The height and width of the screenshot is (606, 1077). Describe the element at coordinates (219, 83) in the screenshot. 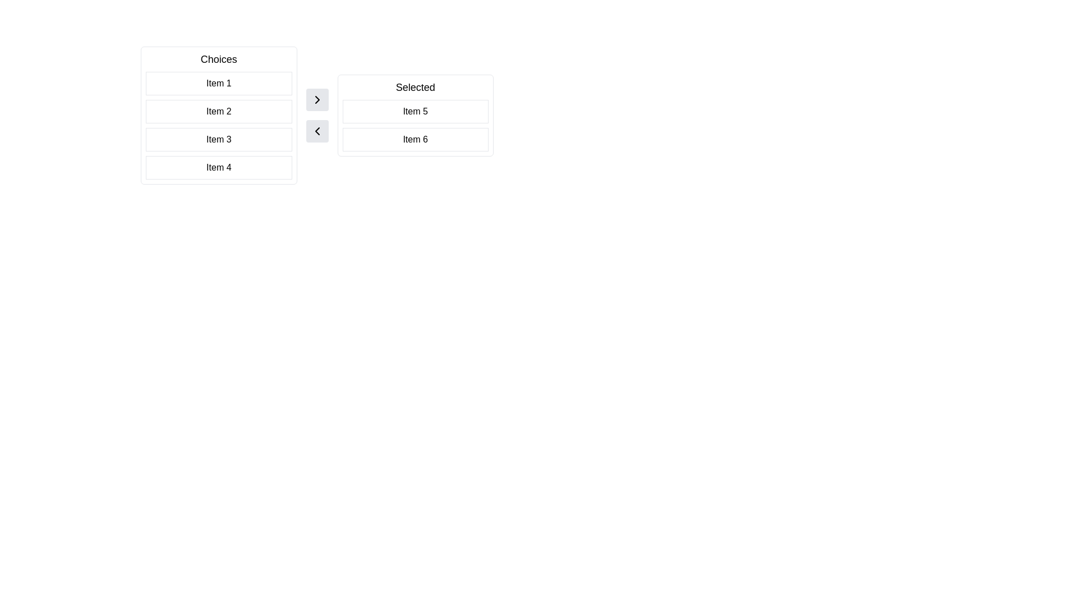

I see `the first selectable item labeled 'Item 1' in the list under the title 'Choices'` at that location.